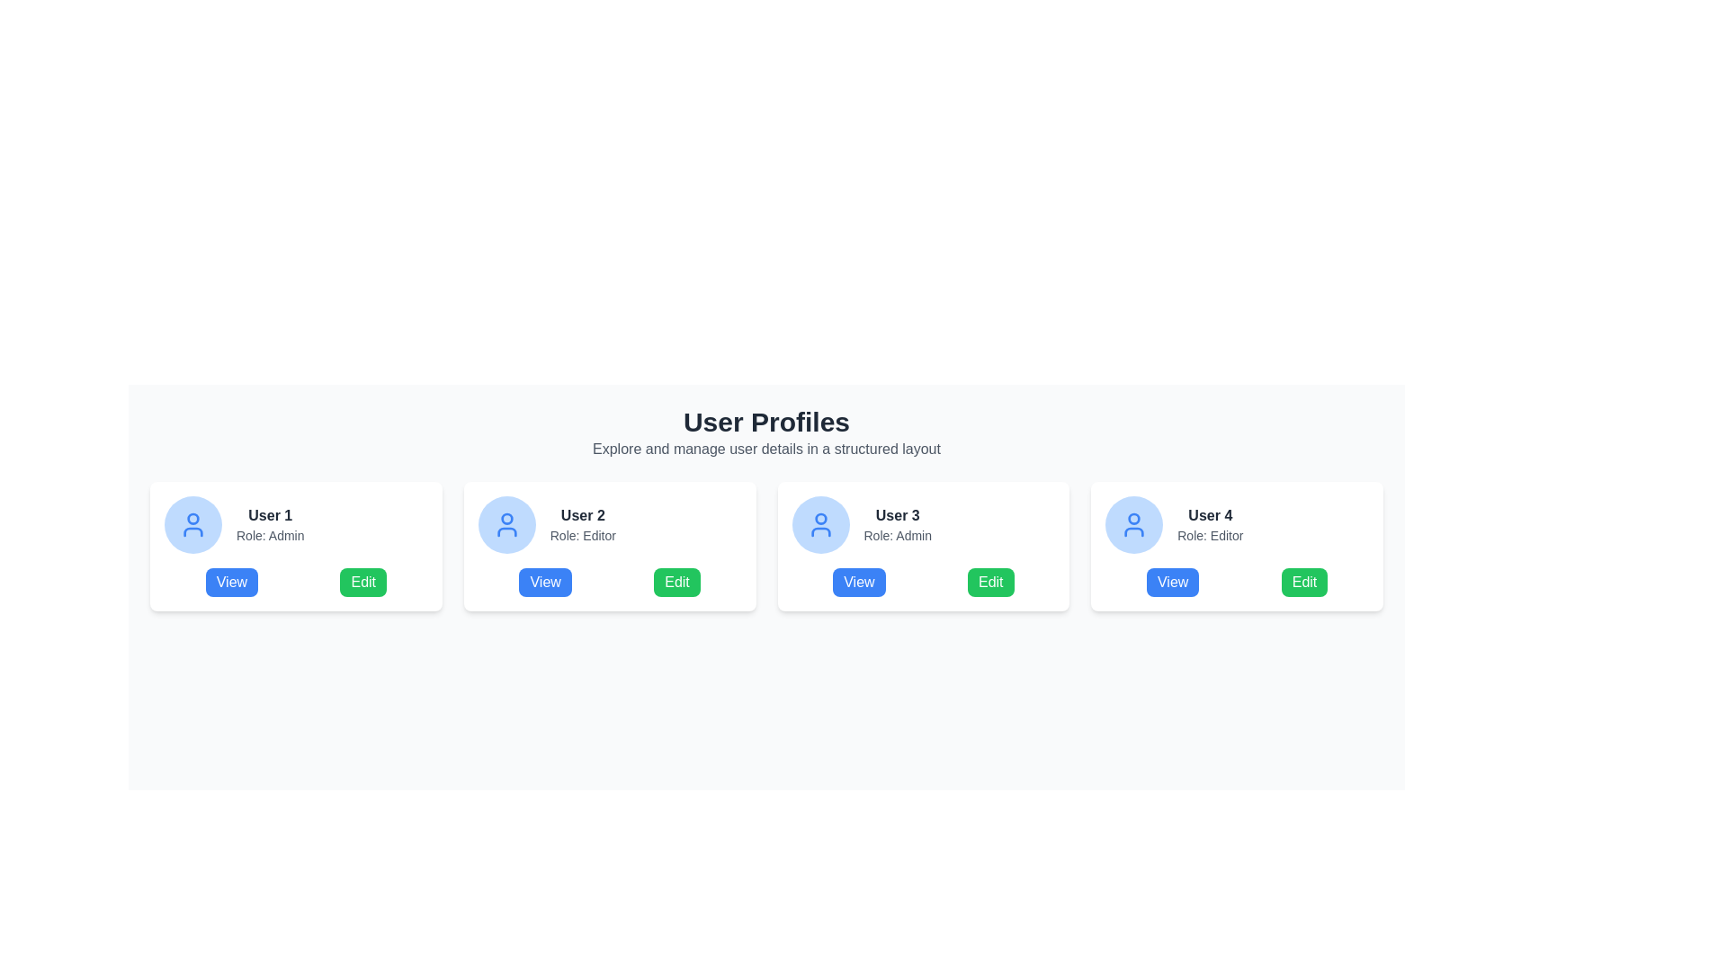  I want to click on text label displaying 'User 3' that identifies the user associated with the third card in the User Profiles section, so click(898, 516).